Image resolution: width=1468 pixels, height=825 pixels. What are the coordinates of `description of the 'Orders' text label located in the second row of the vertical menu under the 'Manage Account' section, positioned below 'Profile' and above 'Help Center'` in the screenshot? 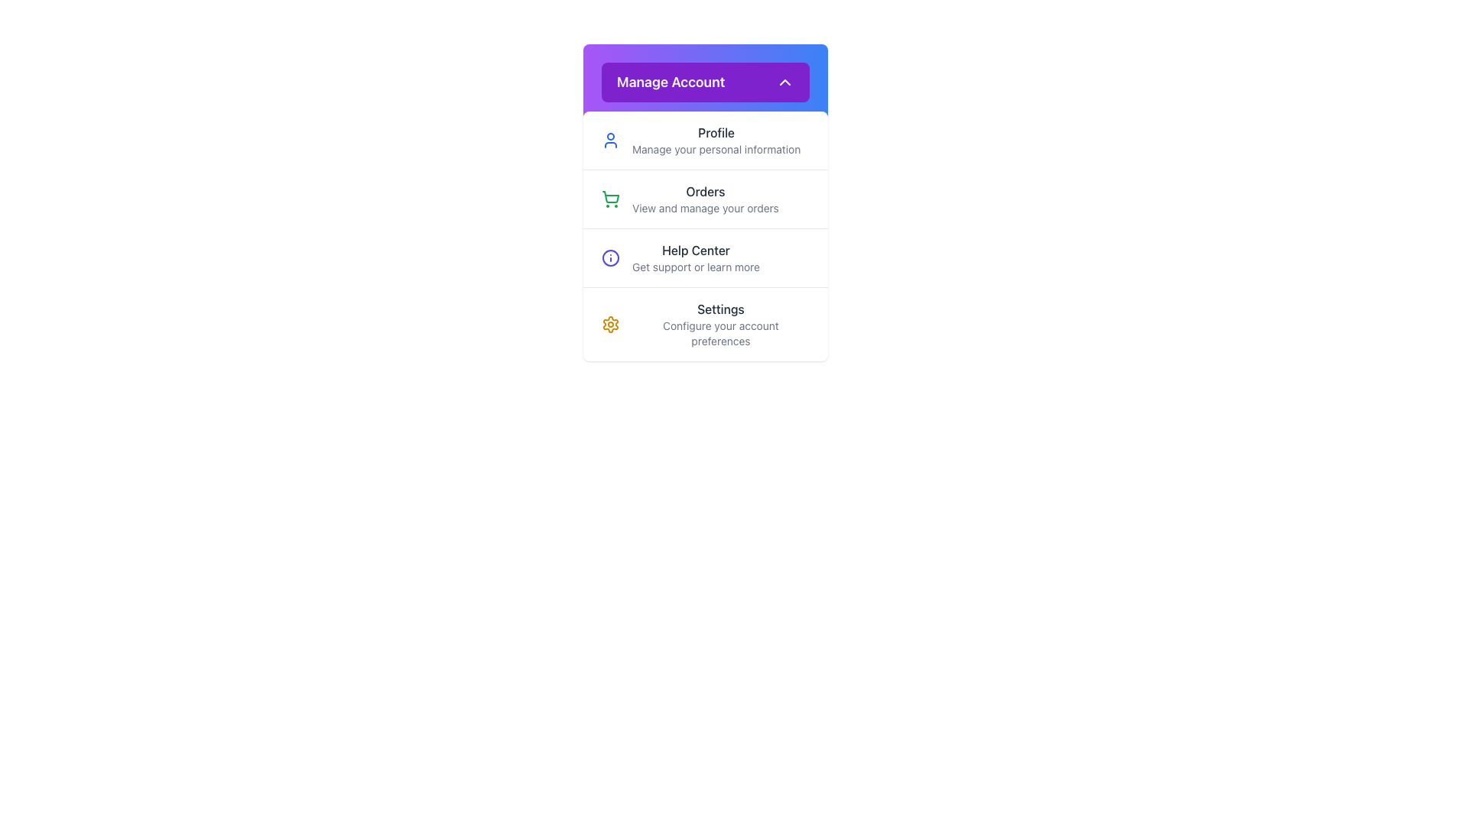 It's located at (704, 199).